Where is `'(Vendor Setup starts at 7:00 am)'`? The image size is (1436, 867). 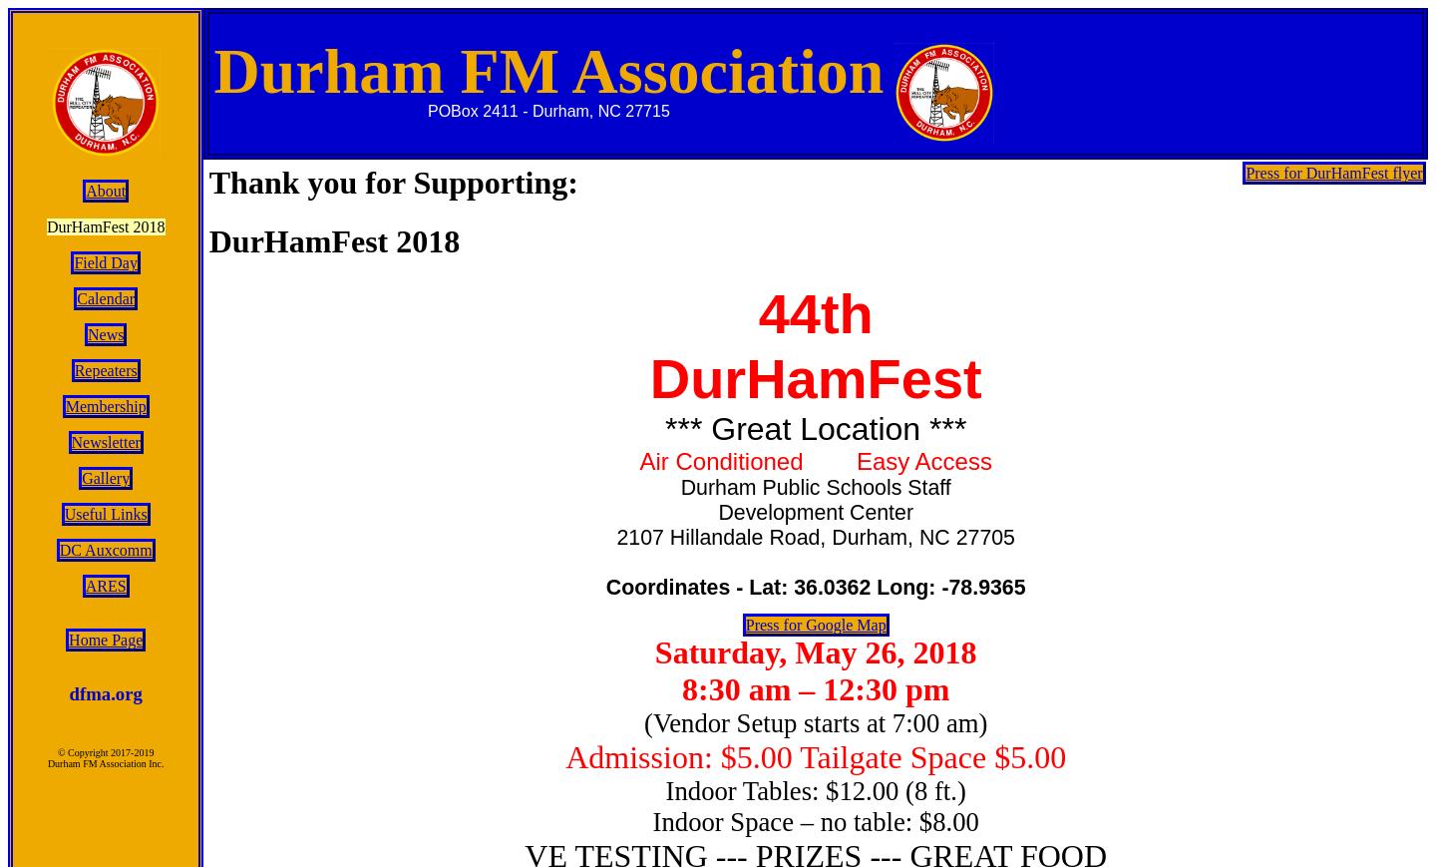 '(Vendor Setup starts at 7:00 am)' is located at coordinates (816, 723).